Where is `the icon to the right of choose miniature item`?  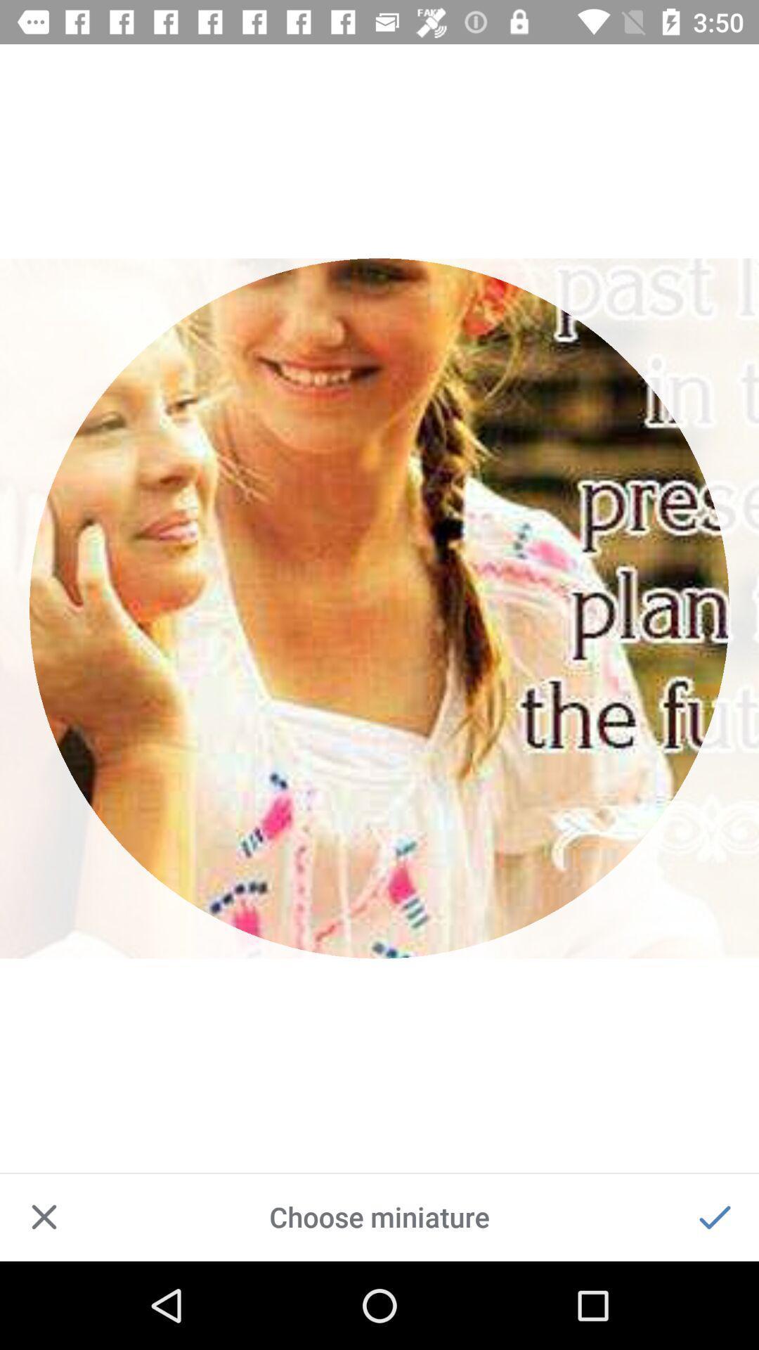
the icon to the right of choose miniature item is located at coordinates (715, 1216).